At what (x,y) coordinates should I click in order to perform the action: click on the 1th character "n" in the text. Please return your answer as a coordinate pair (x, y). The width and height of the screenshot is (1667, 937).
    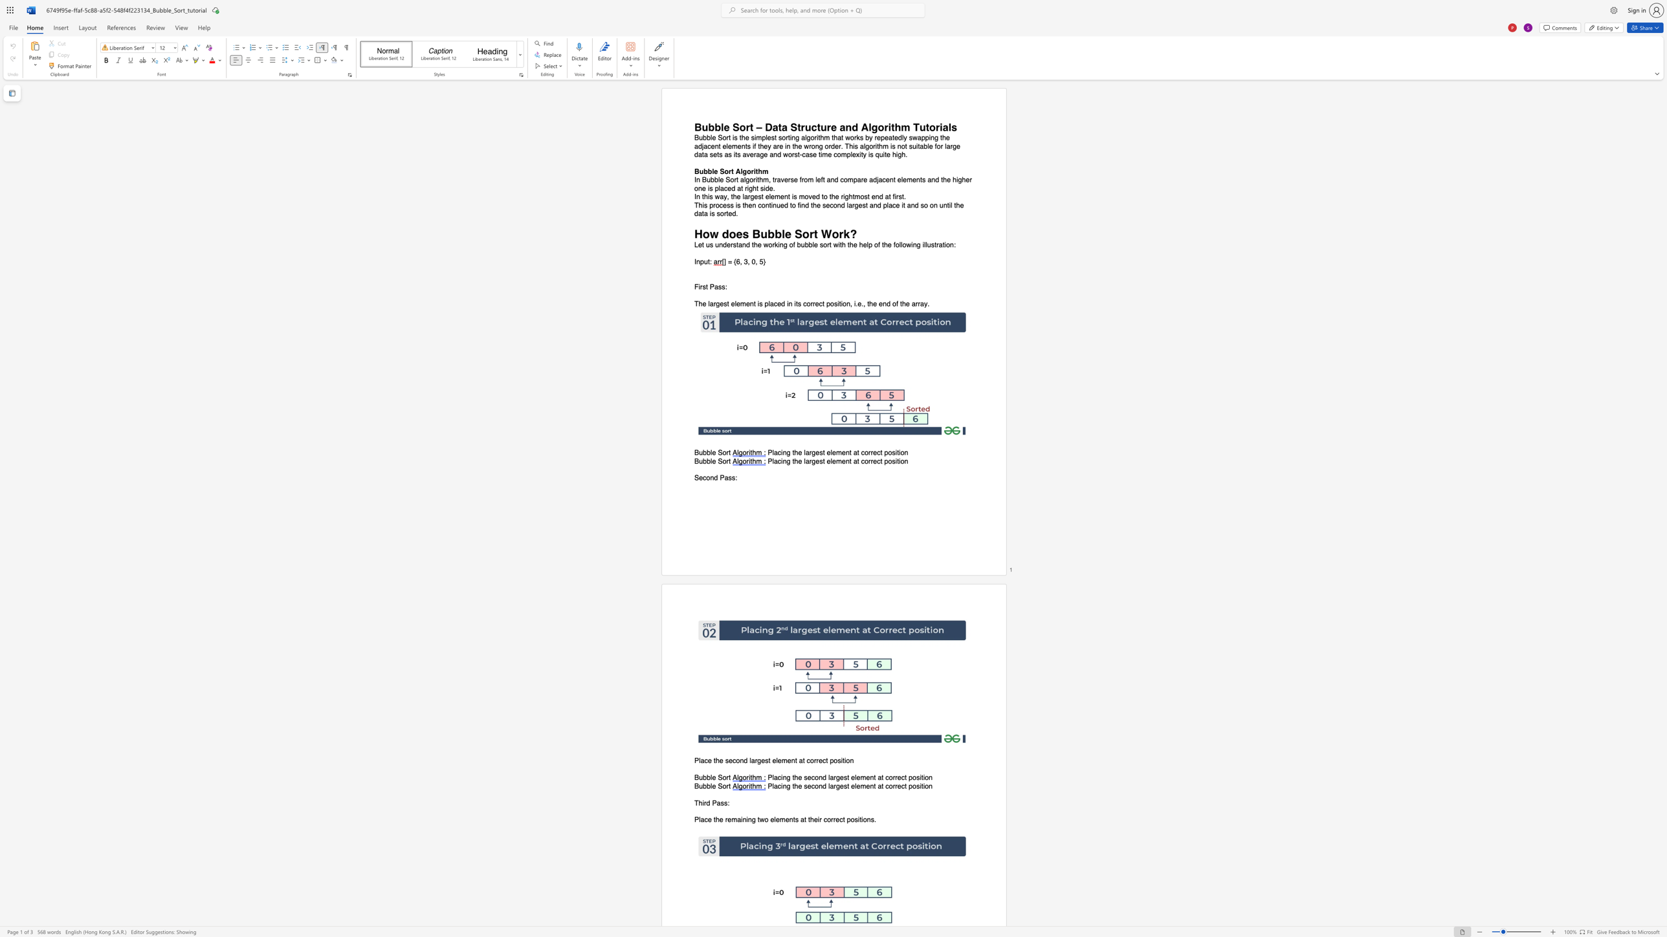
    Looking at the image, I should click on (744, 820).